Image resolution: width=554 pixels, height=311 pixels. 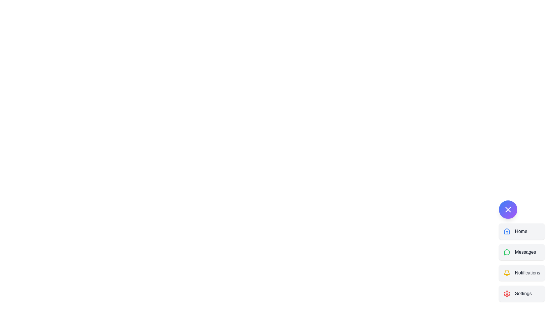 I want to click on the gear icon located on the left side of the 'Settings' list item at the bottom of the vertical menu, so click(x=506, y=293).